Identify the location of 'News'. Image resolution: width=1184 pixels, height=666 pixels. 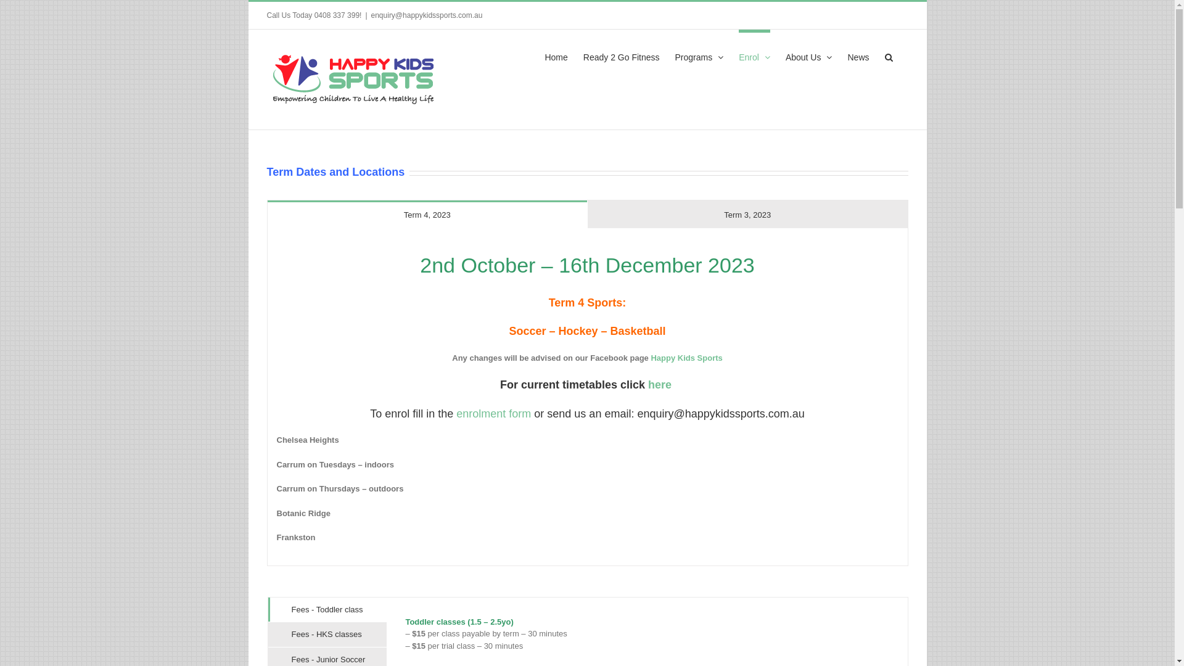
(857, 54).